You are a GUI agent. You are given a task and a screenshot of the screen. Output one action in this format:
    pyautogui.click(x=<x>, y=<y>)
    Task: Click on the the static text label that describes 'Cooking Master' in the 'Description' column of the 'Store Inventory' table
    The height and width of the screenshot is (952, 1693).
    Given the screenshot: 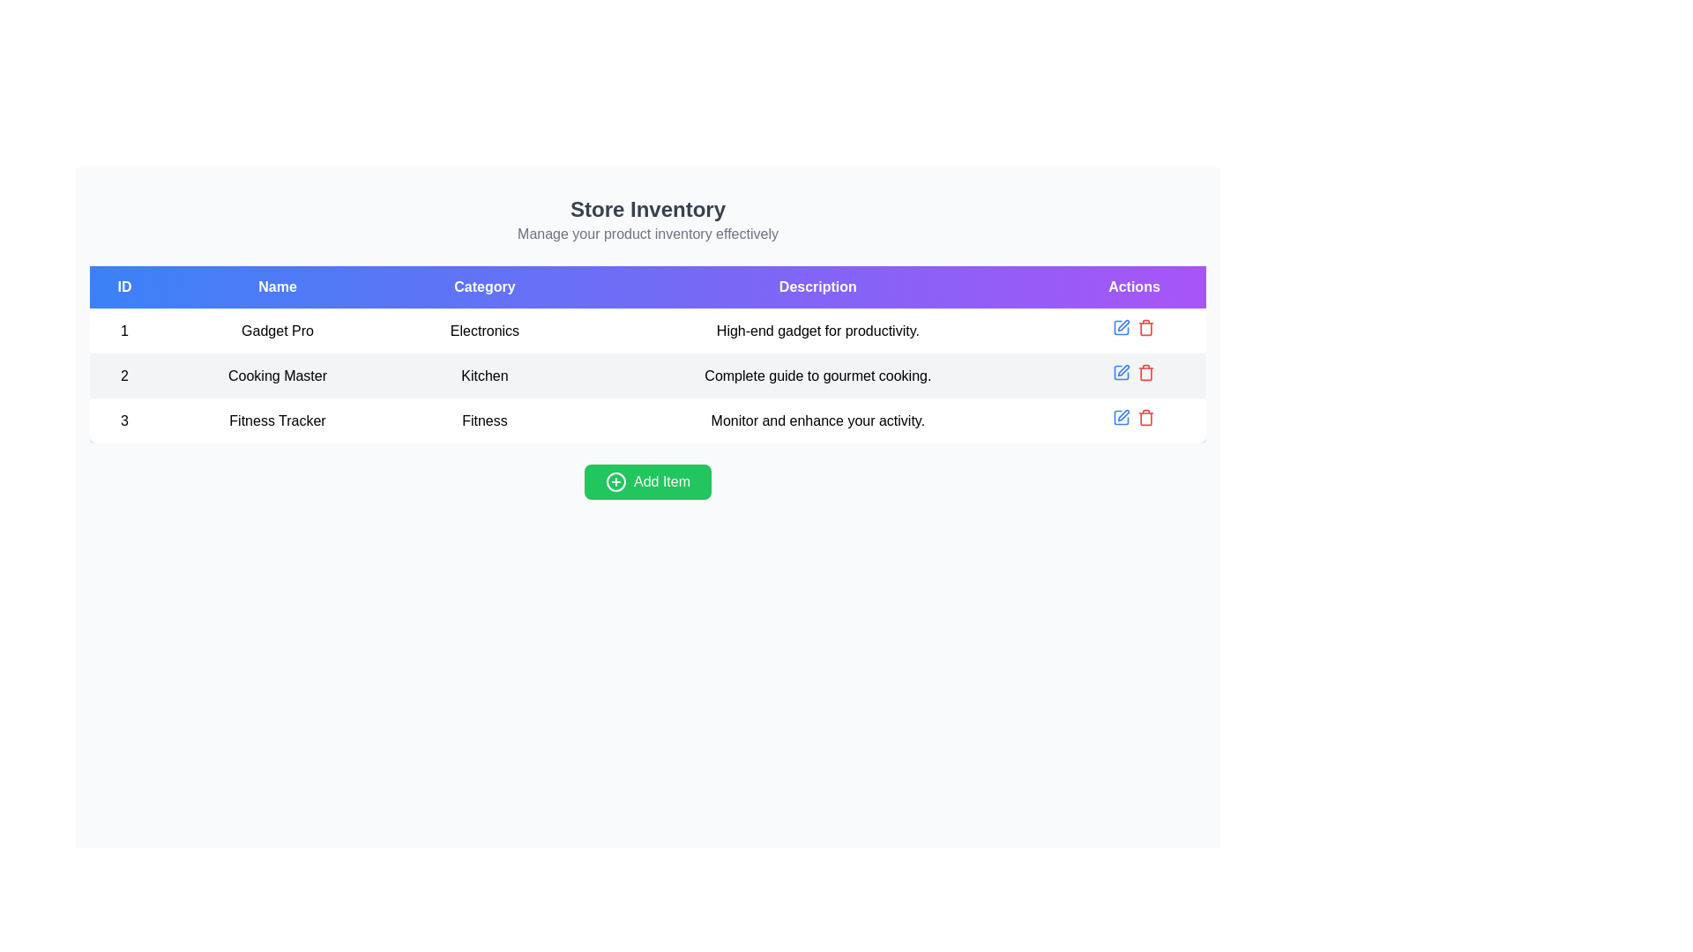 What is the action you would take?
    pyautogui.click(x=817, y=375)
    